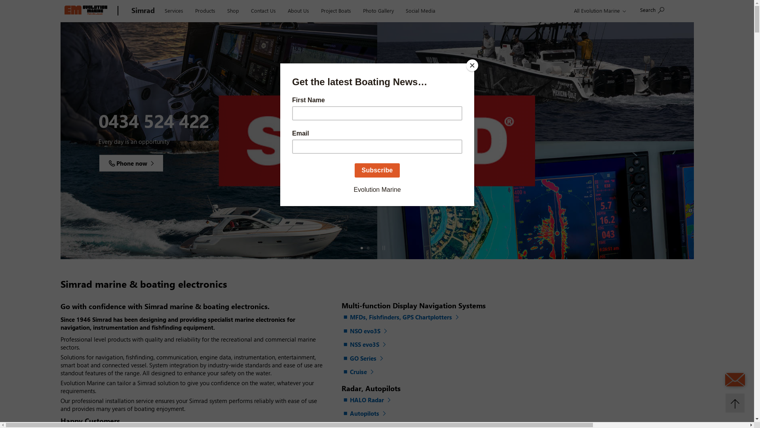 This screenshot has height=428, width=760. I want to click on 'NSO evo3S', so click(365, 331).